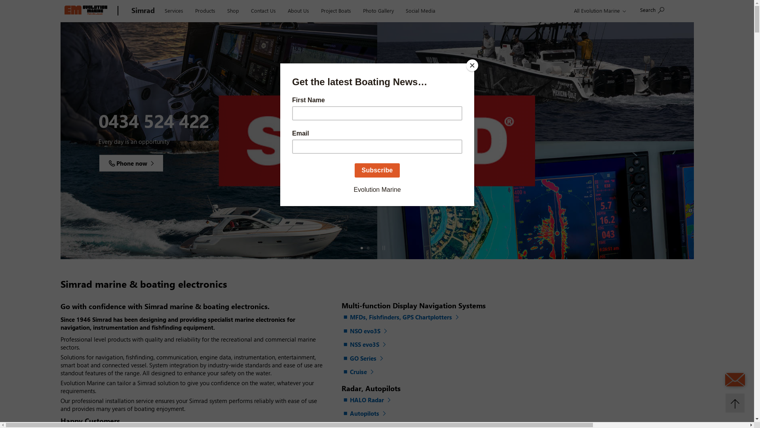 This screenshot has height=428, width=760. I want to click on 'NSO evo3S', so click(365, 331).